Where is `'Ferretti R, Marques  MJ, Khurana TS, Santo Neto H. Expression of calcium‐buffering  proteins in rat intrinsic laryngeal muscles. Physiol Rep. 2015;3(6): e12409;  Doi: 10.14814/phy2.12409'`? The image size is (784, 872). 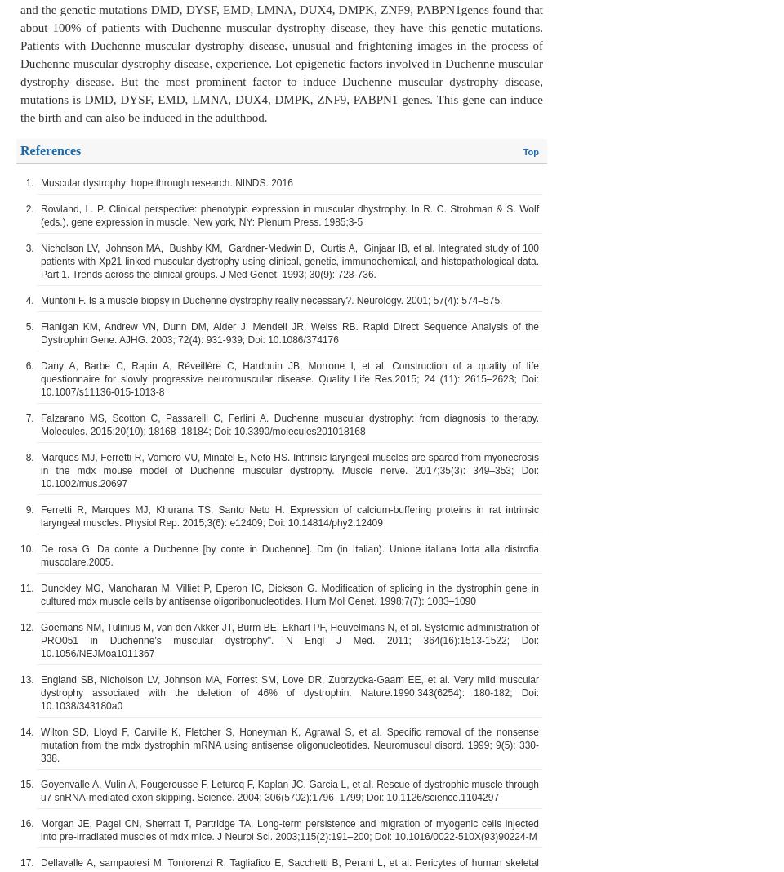 'Ferretti R, Marques  MJ, Khurana TS, Santo Neto H. Expression of calcium‐buffering  proteins in rat intrinsic laryngeal muscles. Physiol Rep. 2015;3(6): e12409;  Doi: 10.14814/phy2.12409' is located at coordinates (290, 516).